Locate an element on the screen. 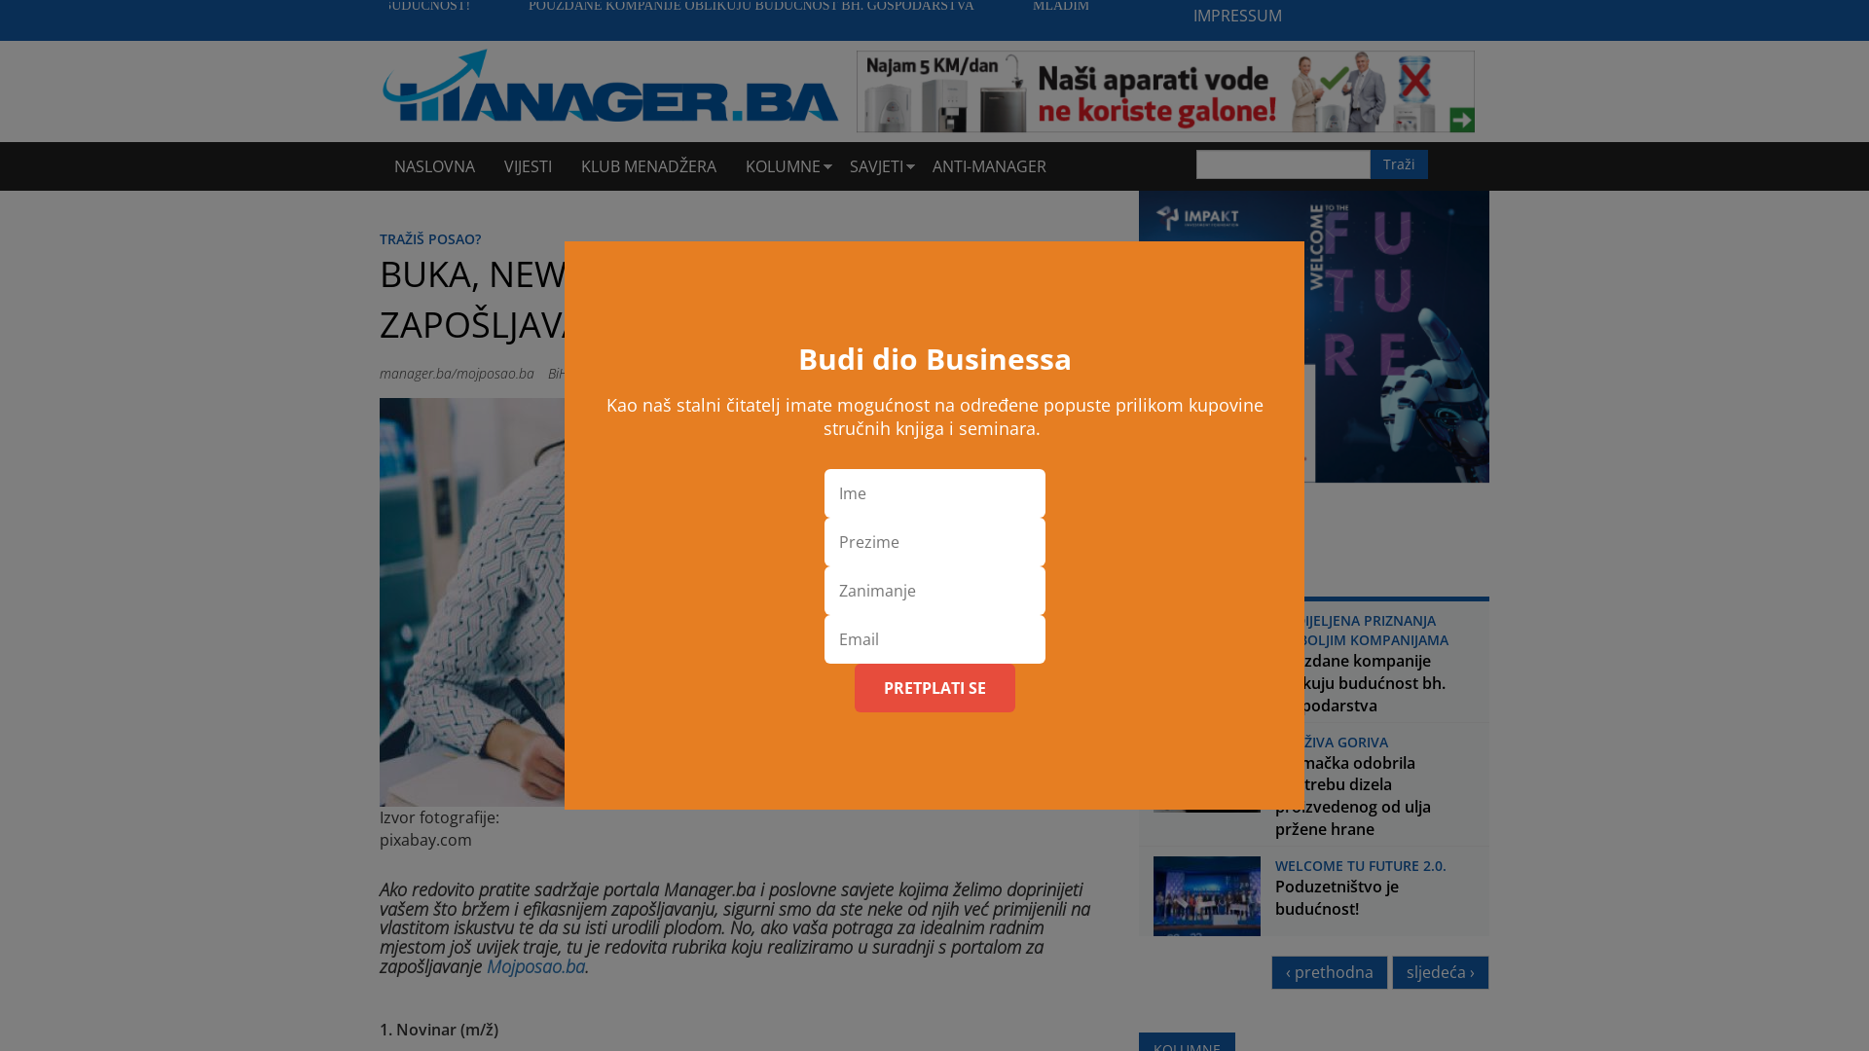 The image size is (1869, 1051). 'ANTI-MANAGER' is located at coordinates (916, 164).